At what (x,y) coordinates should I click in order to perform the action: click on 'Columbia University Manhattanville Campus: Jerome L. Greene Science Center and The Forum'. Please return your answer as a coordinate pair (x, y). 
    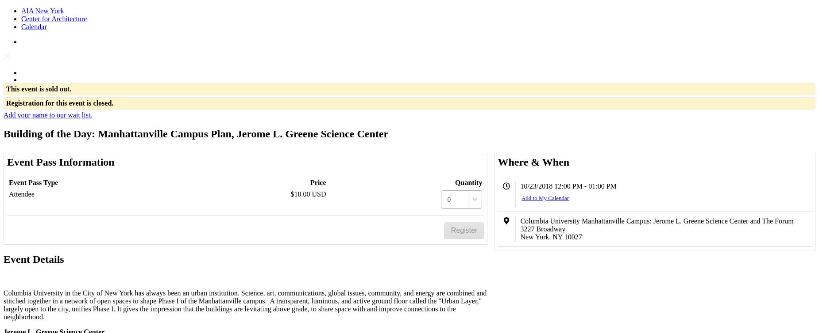
    Looking at the image, I should click on (657, 220).